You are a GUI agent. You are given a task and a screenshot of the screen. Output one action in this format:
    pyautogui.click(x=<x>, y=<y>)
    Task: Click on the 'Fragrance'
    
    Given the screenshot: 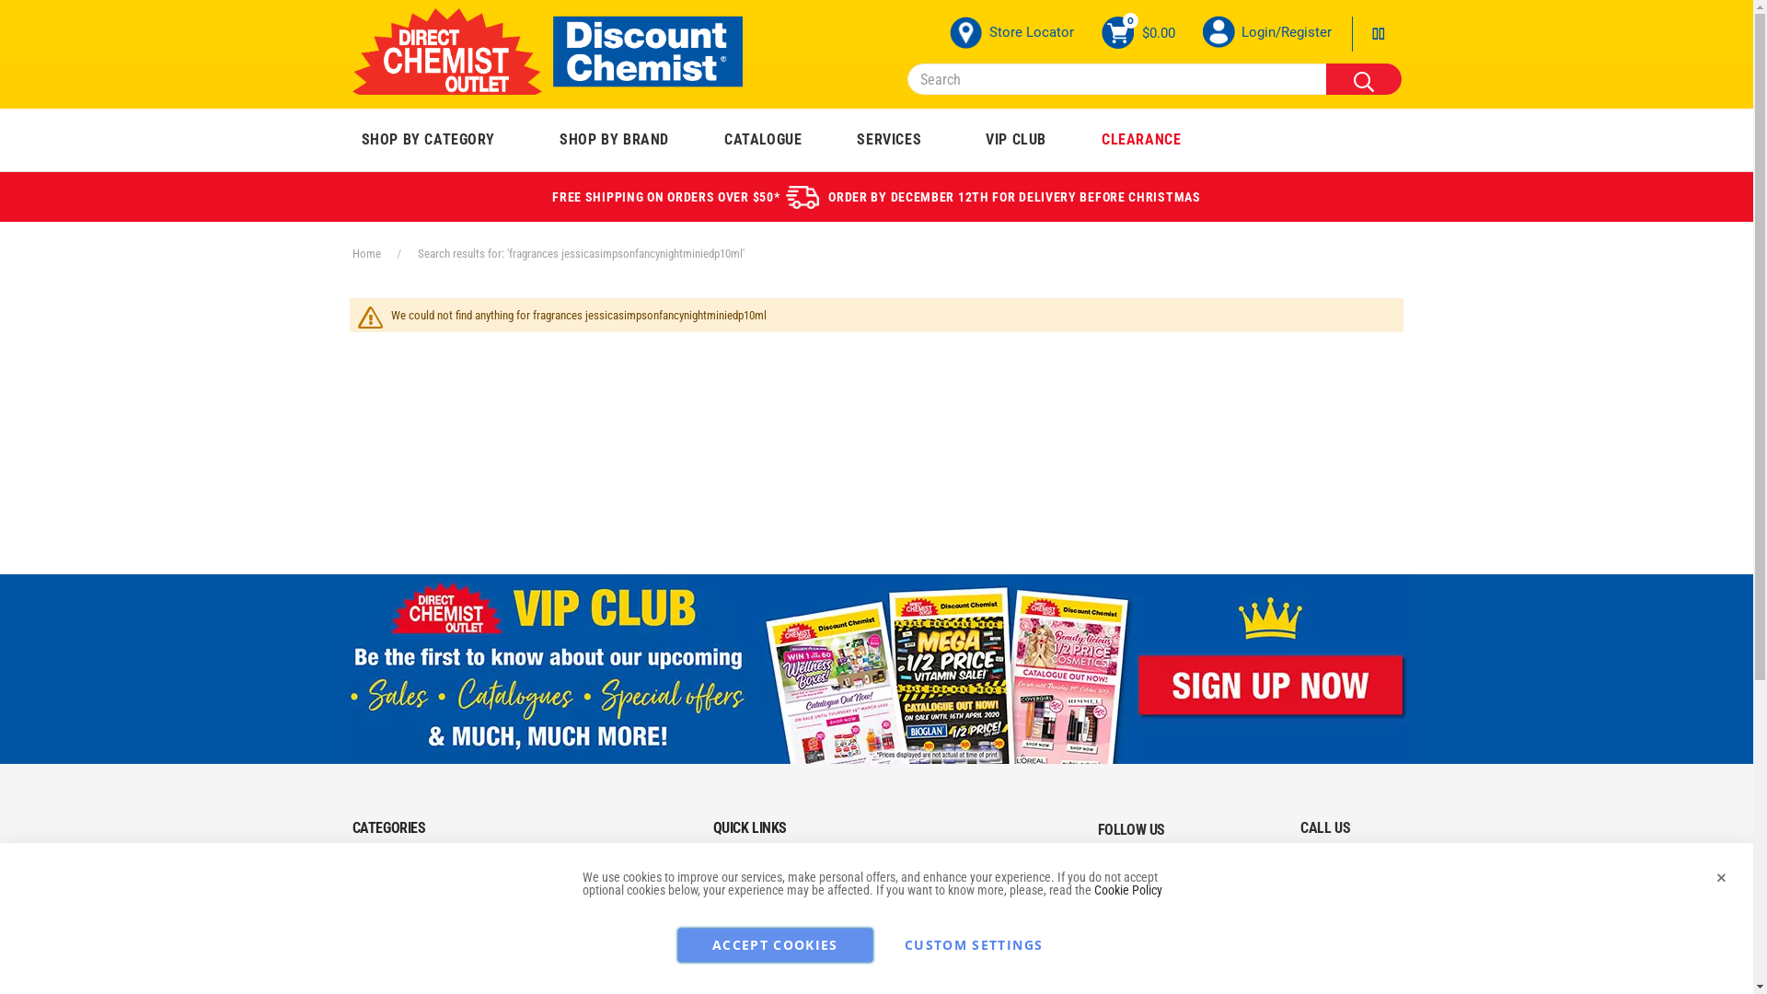 What is the action you would take?
    pyautogui.click(x=378, y=936)
    